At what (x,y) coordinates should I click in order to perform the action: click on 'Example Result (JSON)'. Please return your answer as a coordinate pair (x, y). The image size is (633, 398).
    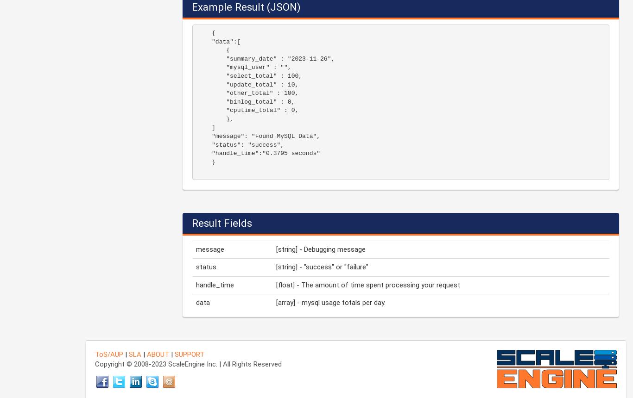
    Looking at the image, I should click on (246, 6).